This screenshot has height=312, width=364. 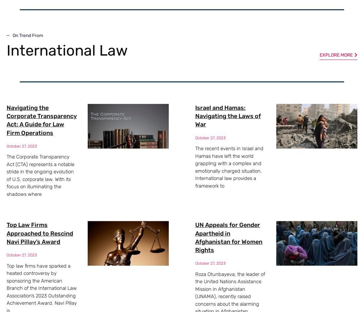 I want to click on 'Top Law Firms Approached to Rescind Navi Pillay’s Award', so click(x=6, y=233).